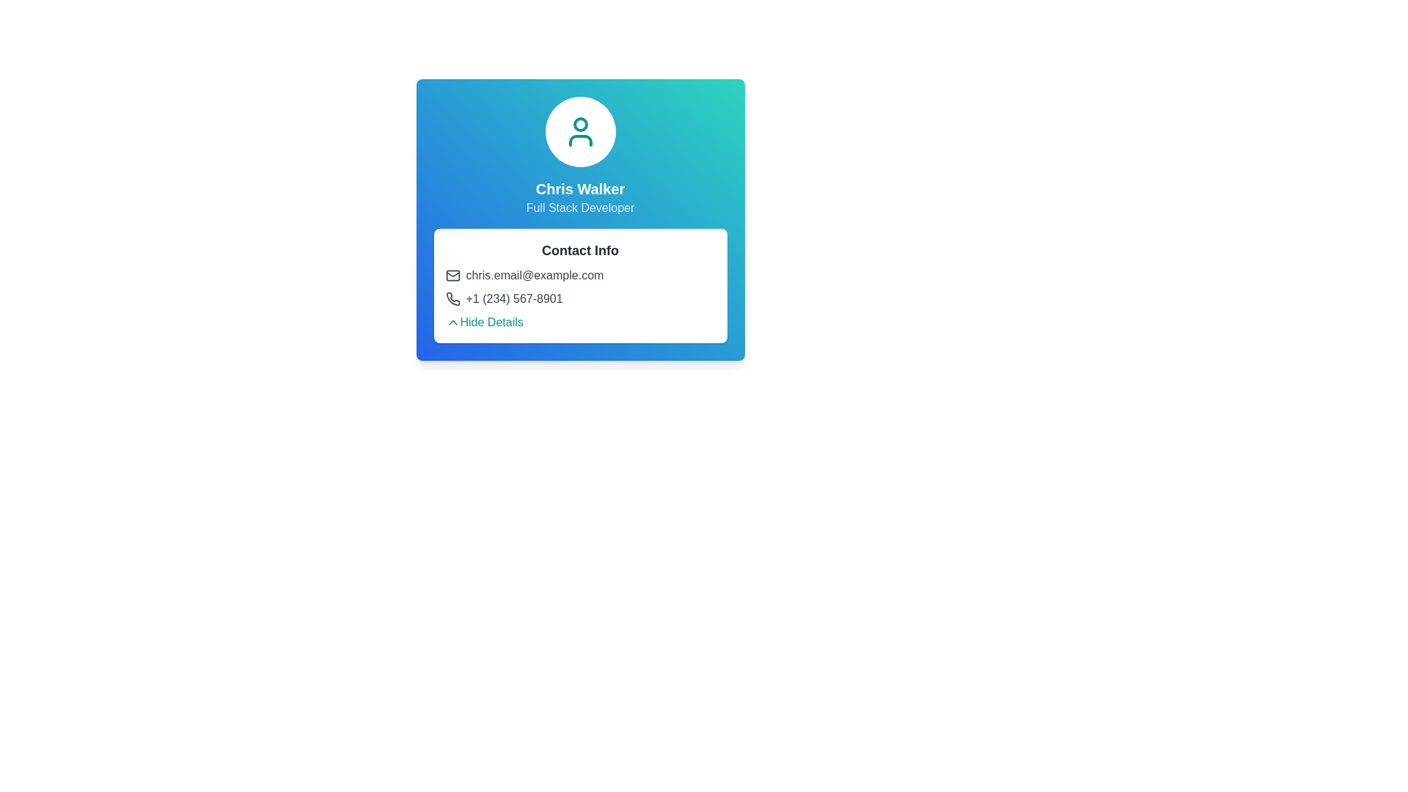 Image resolution: width=1408 pixels, height=792 pixels. Describe the element at coordinates (579, 132) in the screenshot. I see `the profile image icon at the top of the user card, which is centered in the visible interface and displayed within a white circular background` at that location.